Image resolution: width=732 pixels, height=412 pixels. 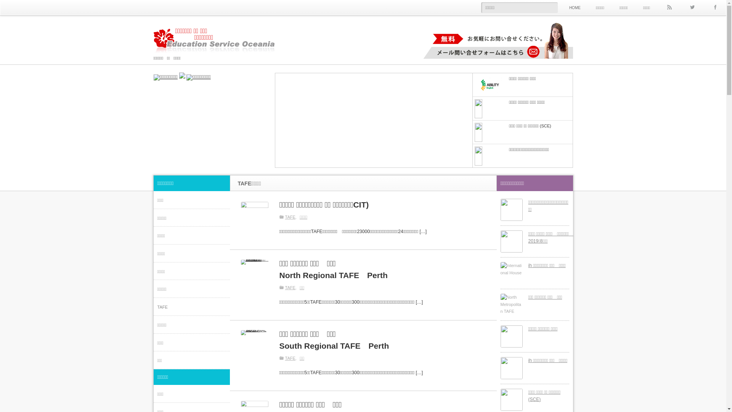 I want to click on 'TAFE', so click(x=291, y=216).